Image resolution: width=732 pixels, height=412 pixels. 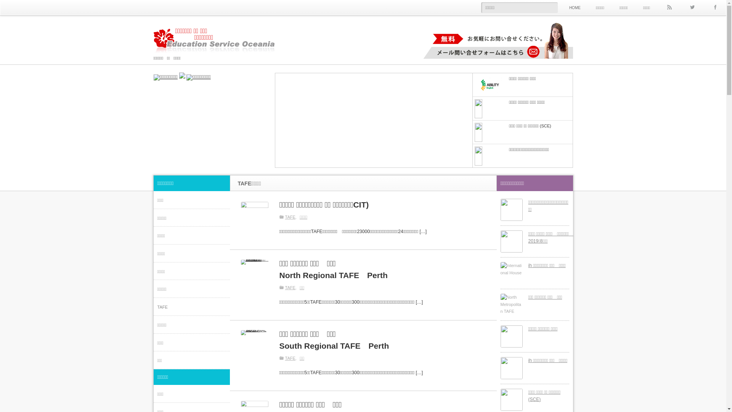 I want to click on 'TAFE', so click(x=291, y=216).